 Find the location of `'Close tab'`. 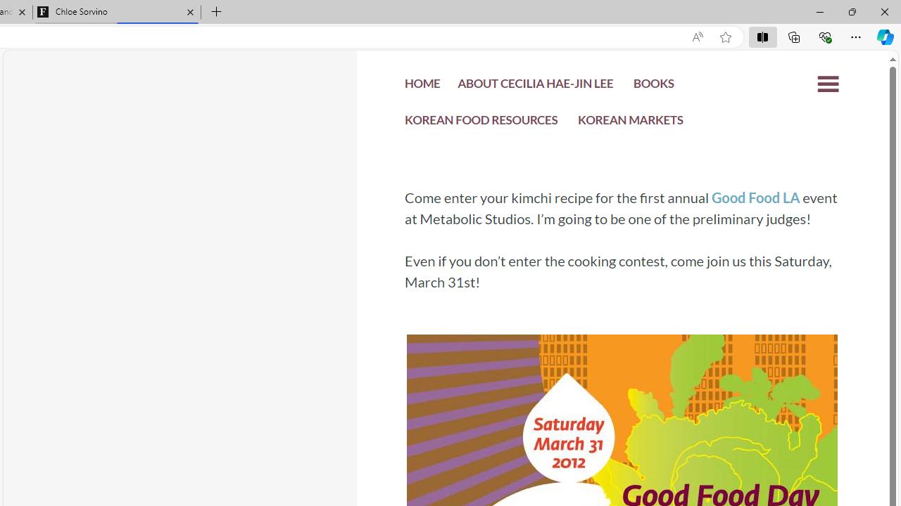

'Close tab' is located at coordinates (189, 12).